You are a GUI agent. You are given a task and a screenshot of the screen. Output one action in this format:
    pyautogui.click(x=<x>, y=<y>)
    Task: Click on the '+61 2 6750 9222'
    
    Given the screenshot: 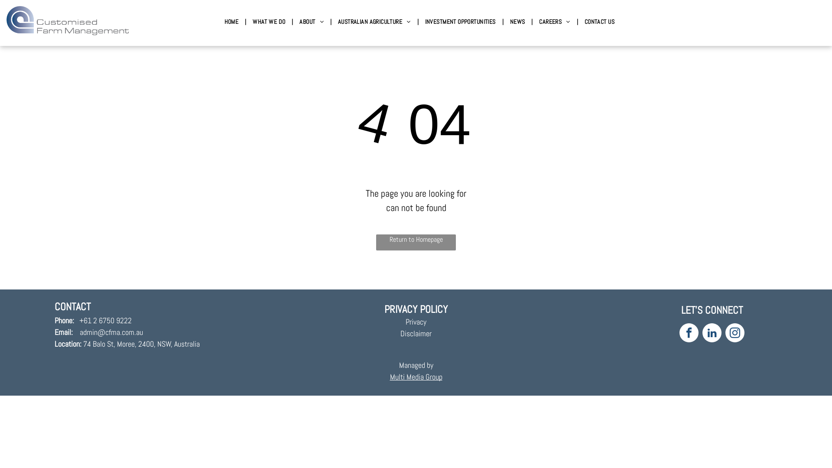 What is the action you would take?
    pyautogui.click(x=104, y=320)
    